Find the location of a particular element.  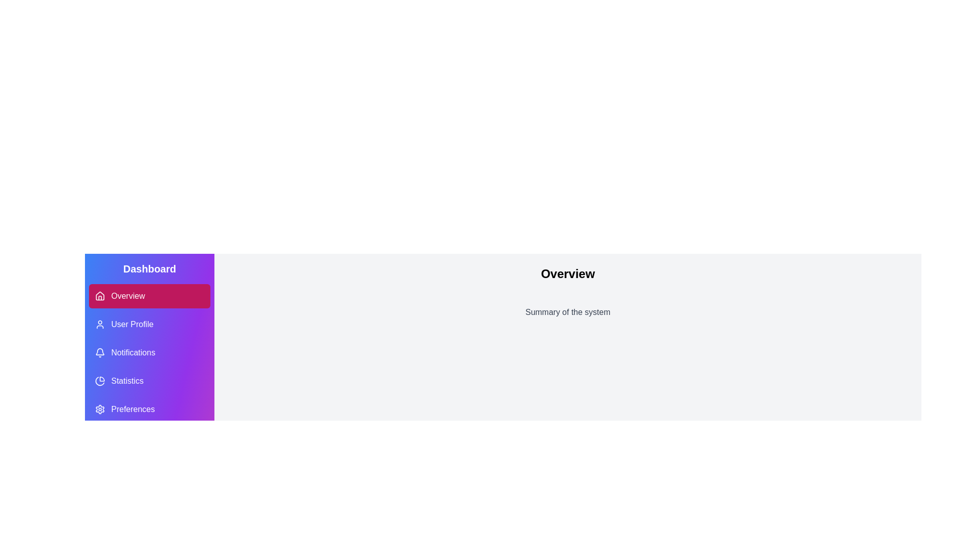

the 'Dashboard' text label, which serves as a heading indicating the current context of the section is located at coordinates (149, 268).